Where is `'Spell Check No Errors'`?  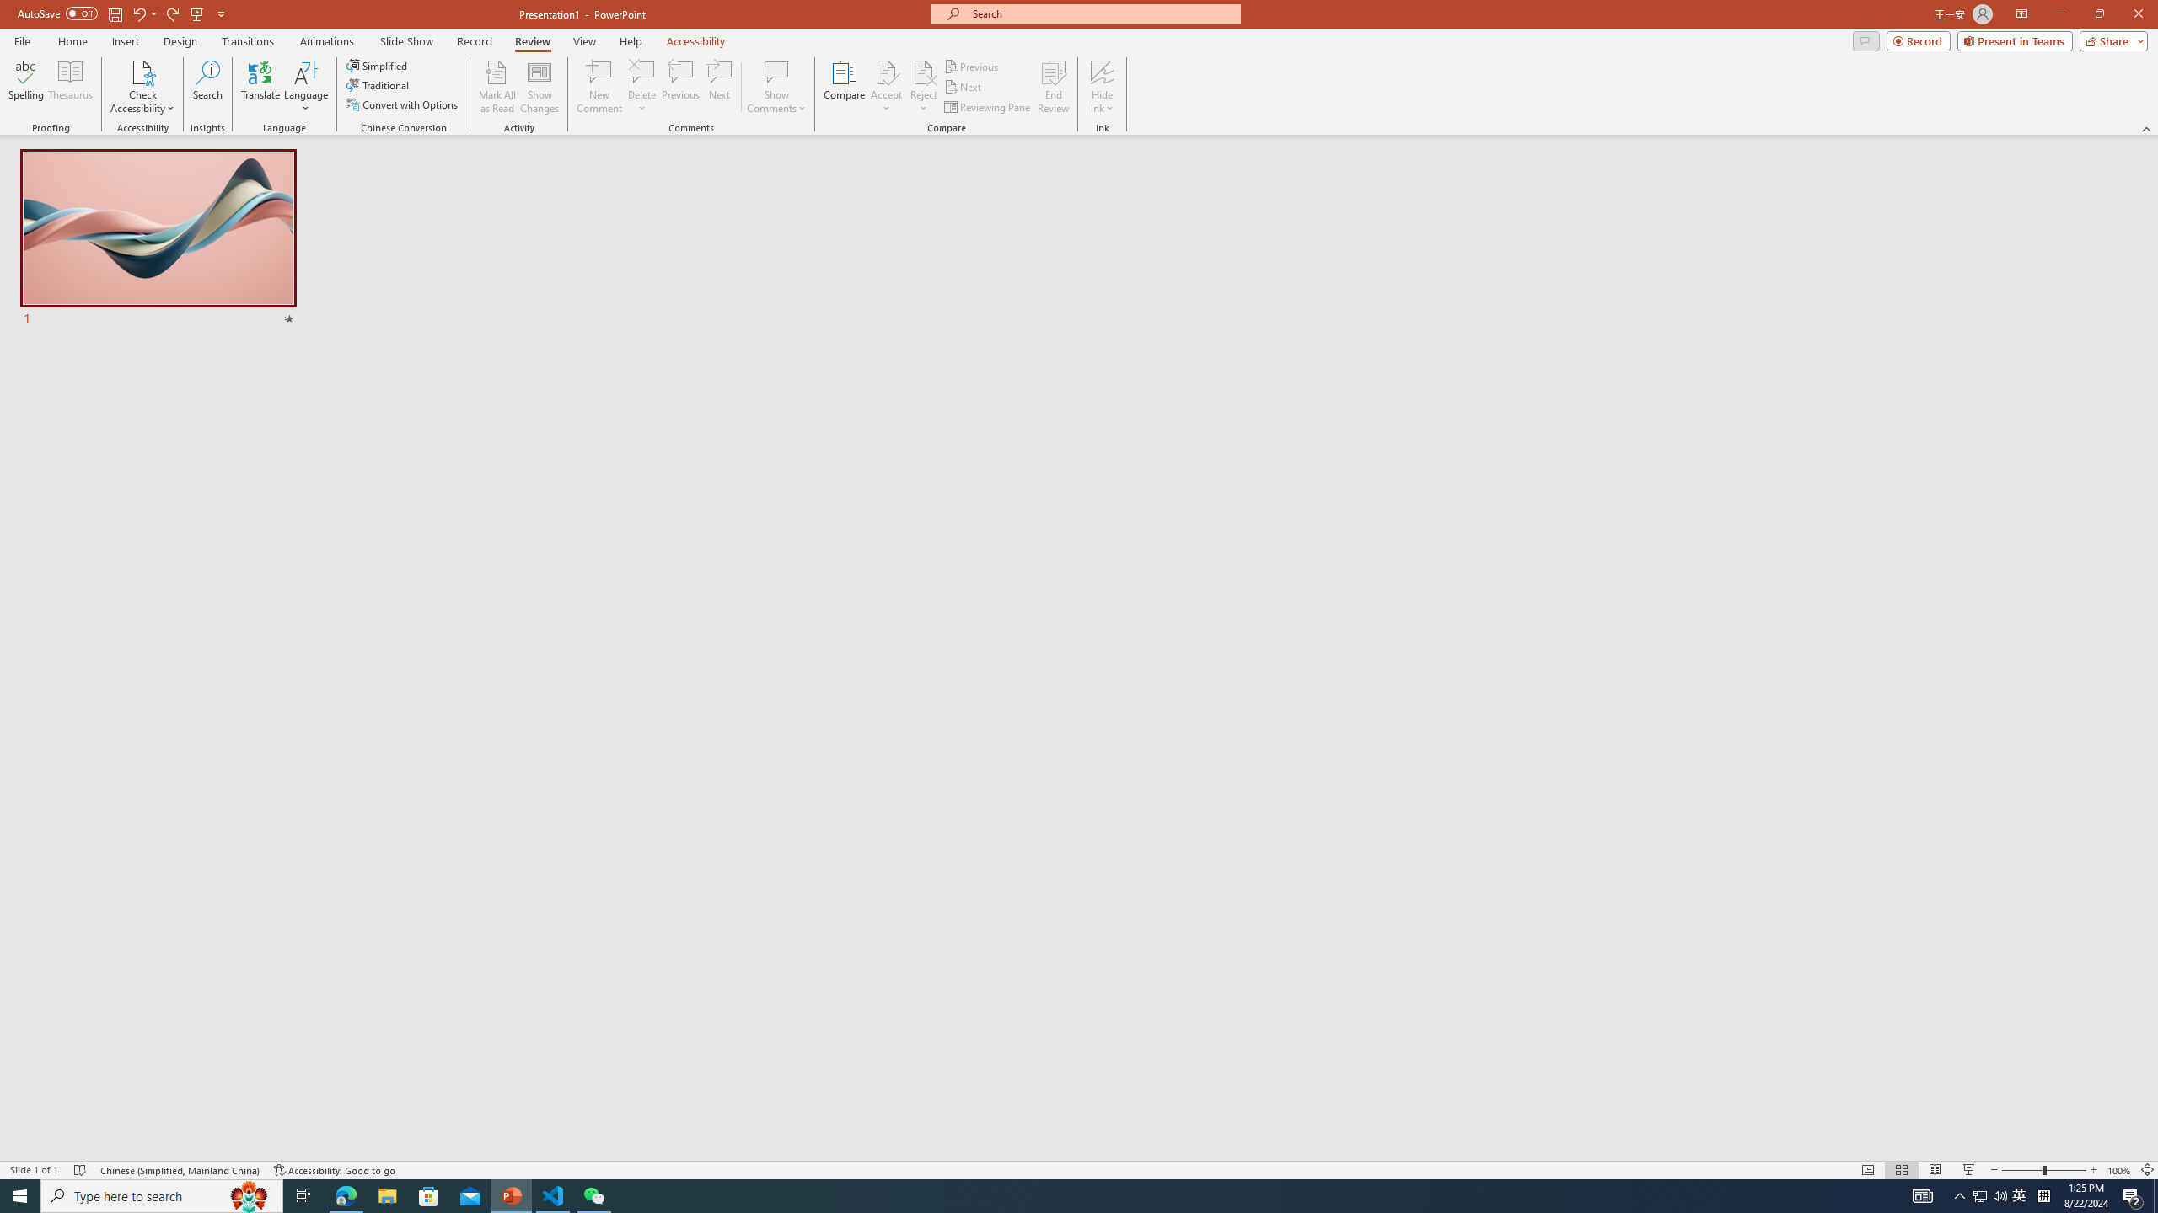 'Spell Check No Errors' is located at coordinates (80, 1170).